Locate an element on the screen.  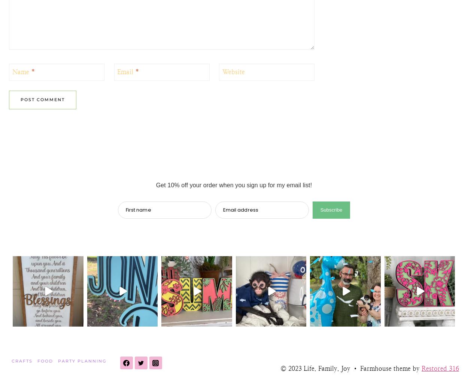
'Crafts' is located at coordinates (21, 361).